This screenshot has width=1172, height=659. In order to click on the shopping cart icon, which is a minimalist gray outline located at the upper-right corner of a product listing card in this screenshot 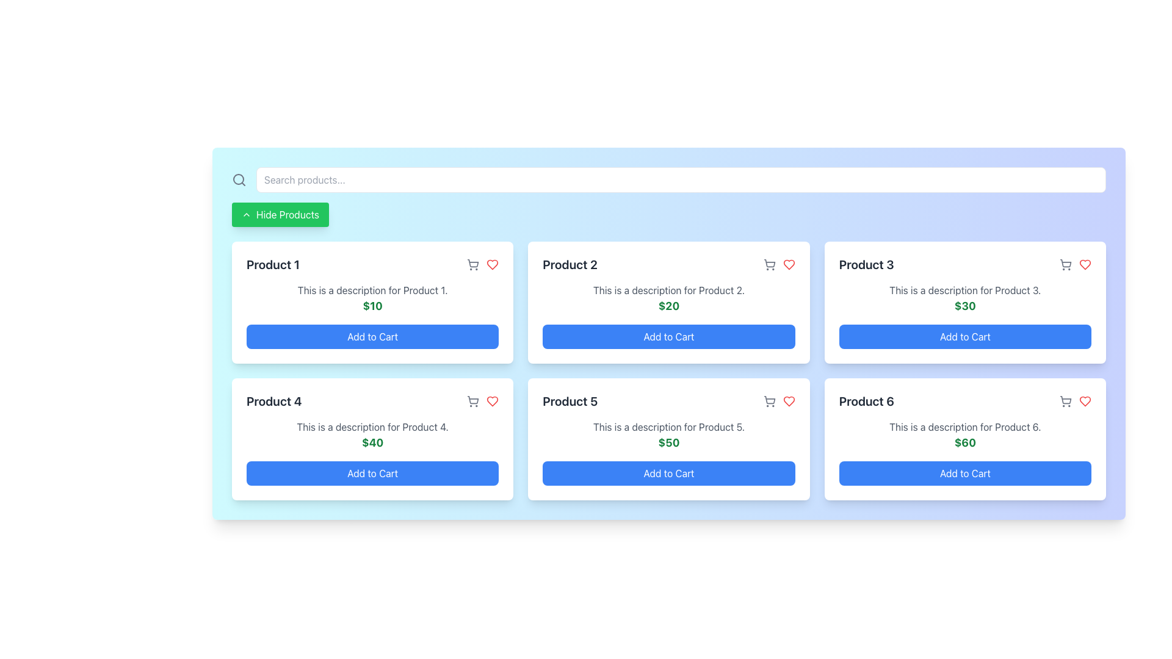, I will do `click(472, 402)`.